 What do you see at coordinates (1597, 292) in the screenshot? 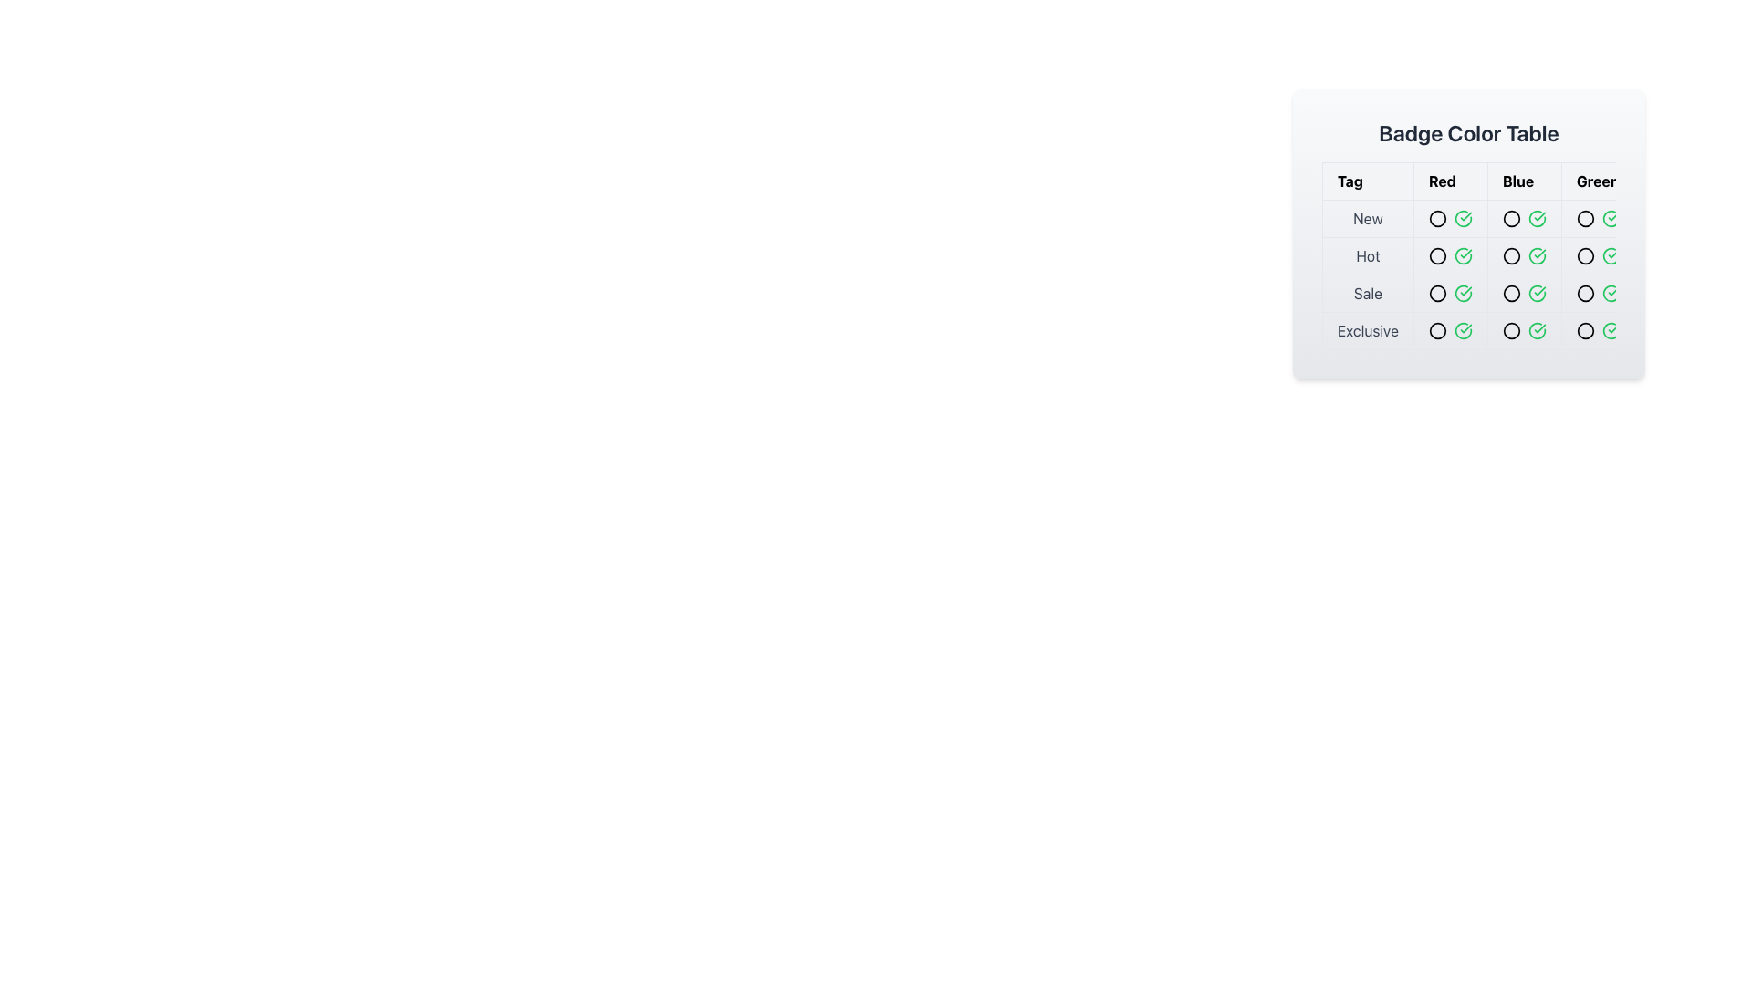
I see `the SVG Icon indicating approved status located in the 'Green' column of the 'Sale' row in the 'Badge Color Table'` at bounding box center [1597, 292].